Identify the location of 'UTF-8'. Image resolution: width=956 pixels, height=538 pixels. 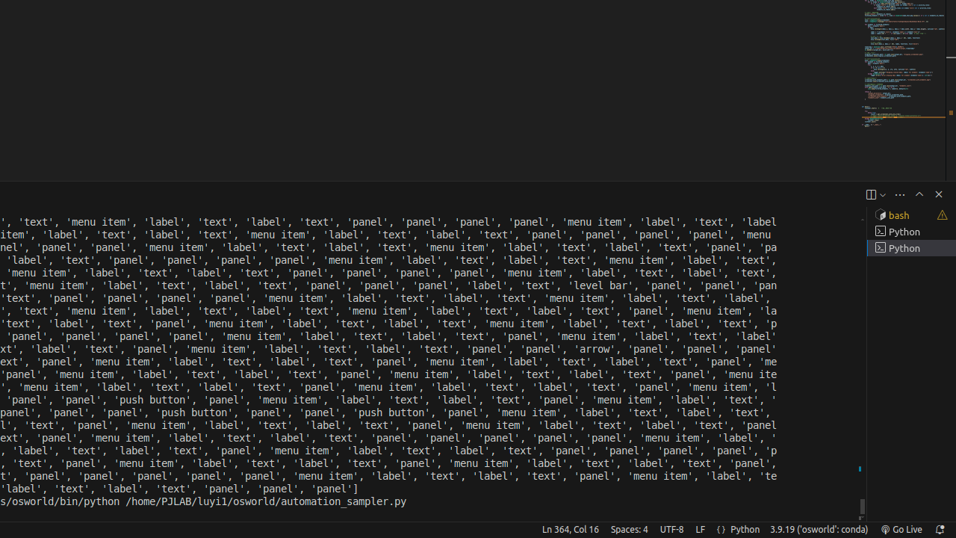
(671, 528).